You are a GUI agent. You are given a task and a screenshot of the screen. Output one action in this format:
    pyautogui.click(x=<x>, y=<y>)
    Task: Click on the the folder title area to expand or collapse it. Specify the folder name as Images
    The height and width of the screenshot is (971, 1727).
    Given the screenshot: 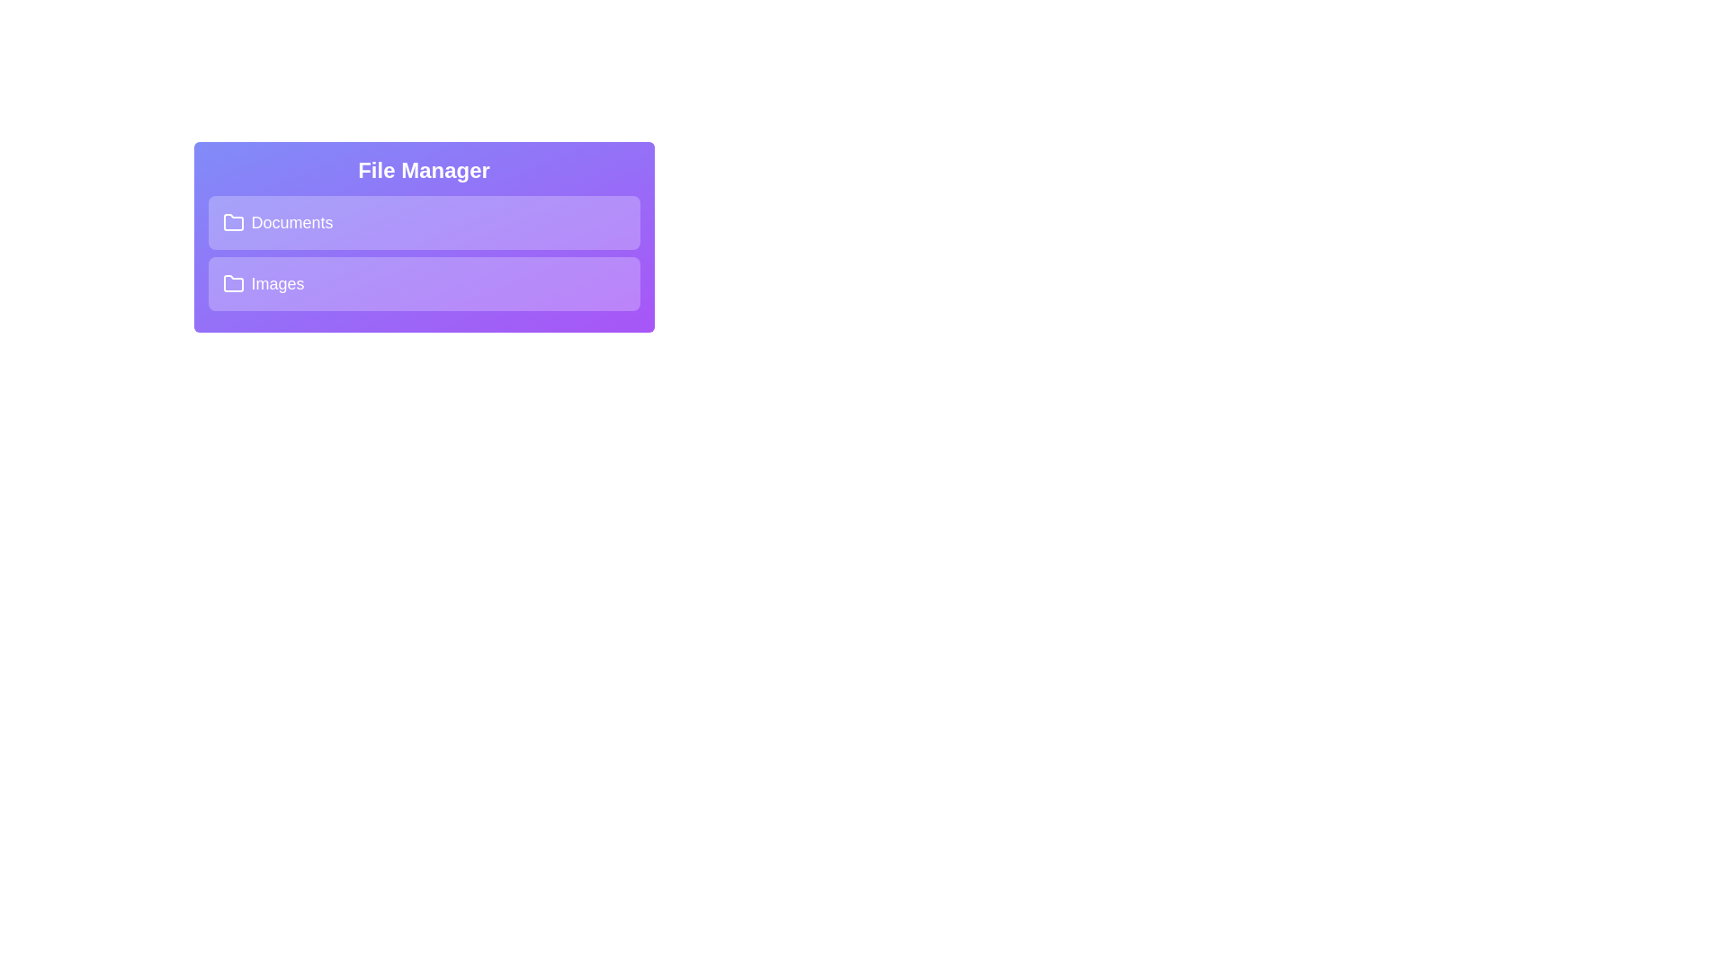 What is the action you would take?
    pyautogui.click(x=423, y=283)
    